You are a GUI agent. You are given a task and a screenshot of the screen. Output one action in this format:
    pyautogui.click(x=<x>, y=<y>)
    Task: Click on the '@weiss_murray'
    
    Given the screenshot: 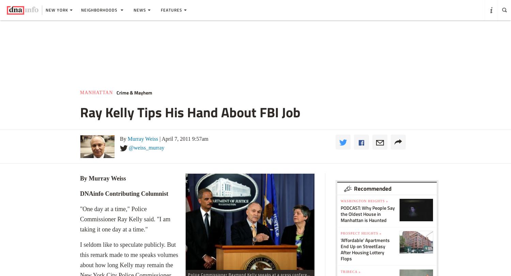 What is the action you would take?
    pyautogui.click(x=146, y=147)
    